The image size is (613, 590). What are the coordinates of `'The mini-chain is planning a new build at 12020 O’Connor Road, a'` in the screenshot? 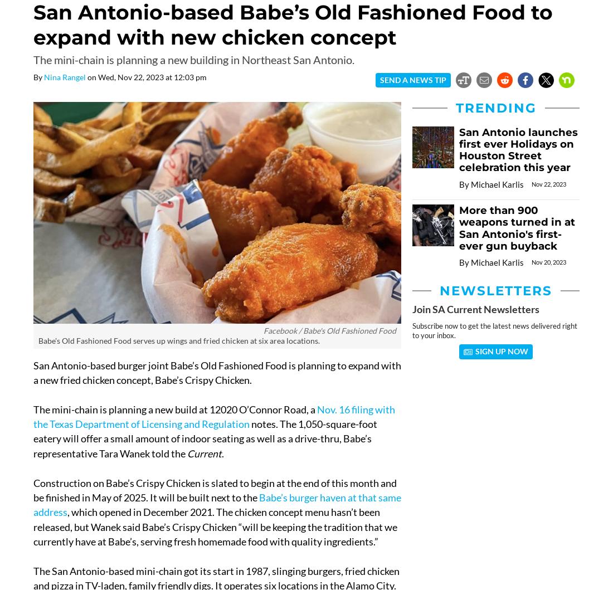 It's located at (174, 409).